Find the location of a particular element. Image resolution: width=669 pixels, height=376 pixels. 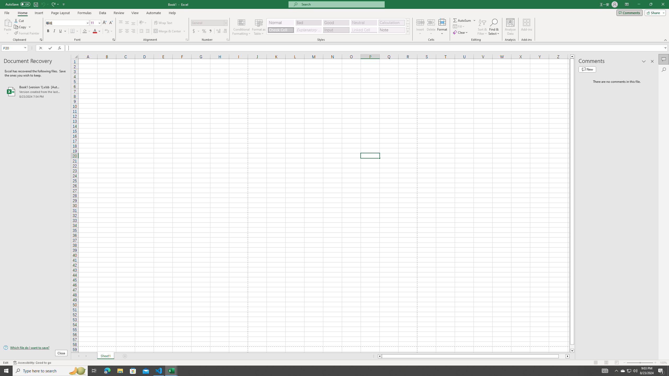

'Restore Down' is located at coordinates (651, 4).